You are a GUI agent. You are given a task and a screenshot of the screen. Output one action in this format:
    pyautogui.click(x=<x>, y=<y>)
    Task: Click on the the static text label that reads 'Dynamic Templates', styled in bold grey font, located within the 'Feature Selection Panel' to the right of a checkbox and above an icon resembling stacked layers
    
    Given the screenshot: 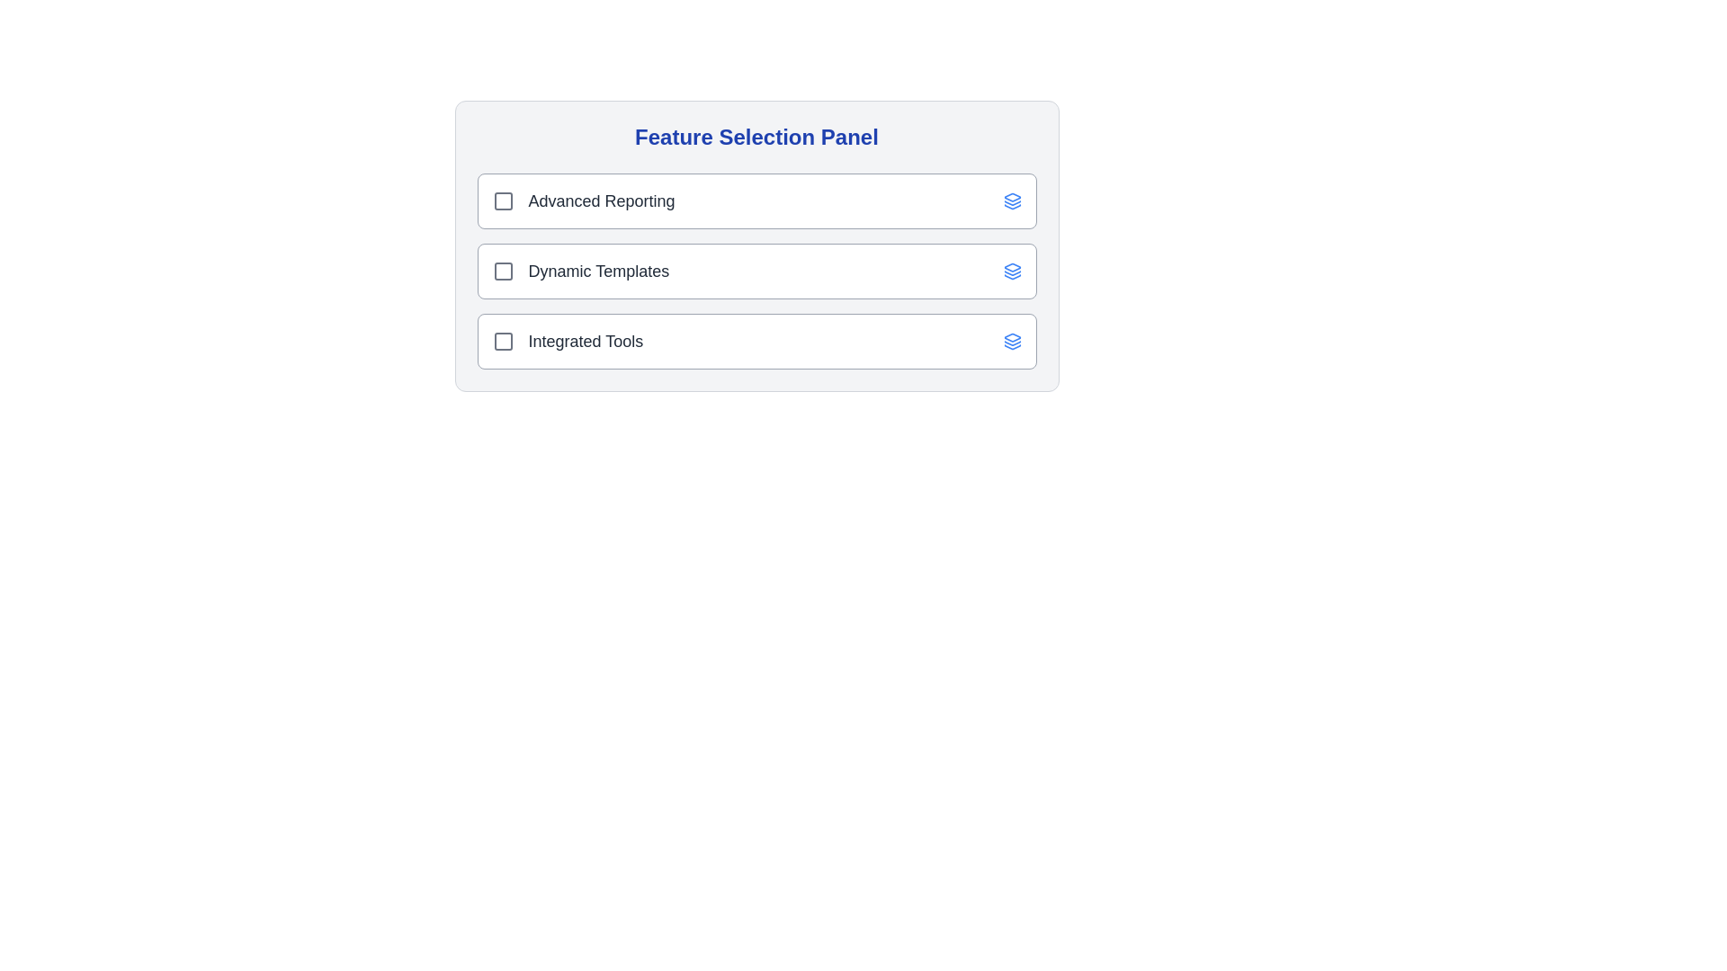 What is the action you would take?
    pyautogui.click(x=598, y=271)
    